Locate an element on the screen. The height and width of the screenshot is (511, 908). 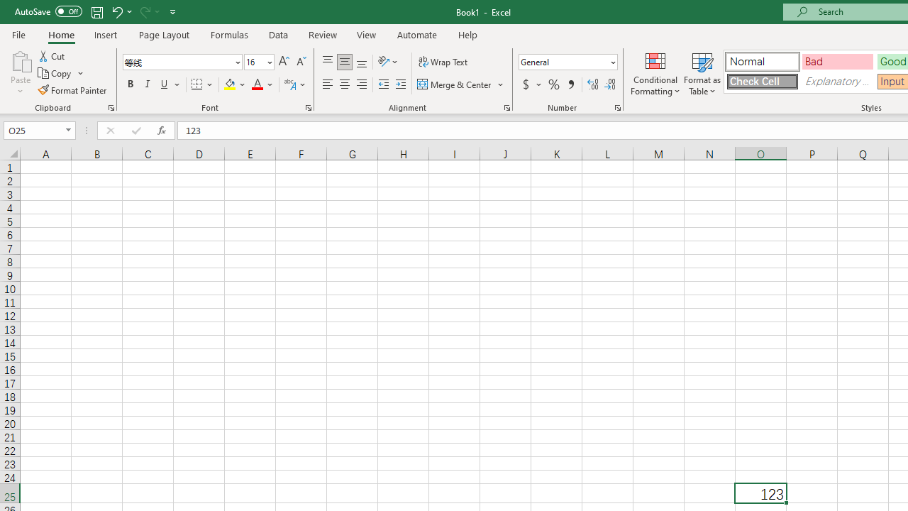
'Format Painter' is located at coordinates (72, 90).